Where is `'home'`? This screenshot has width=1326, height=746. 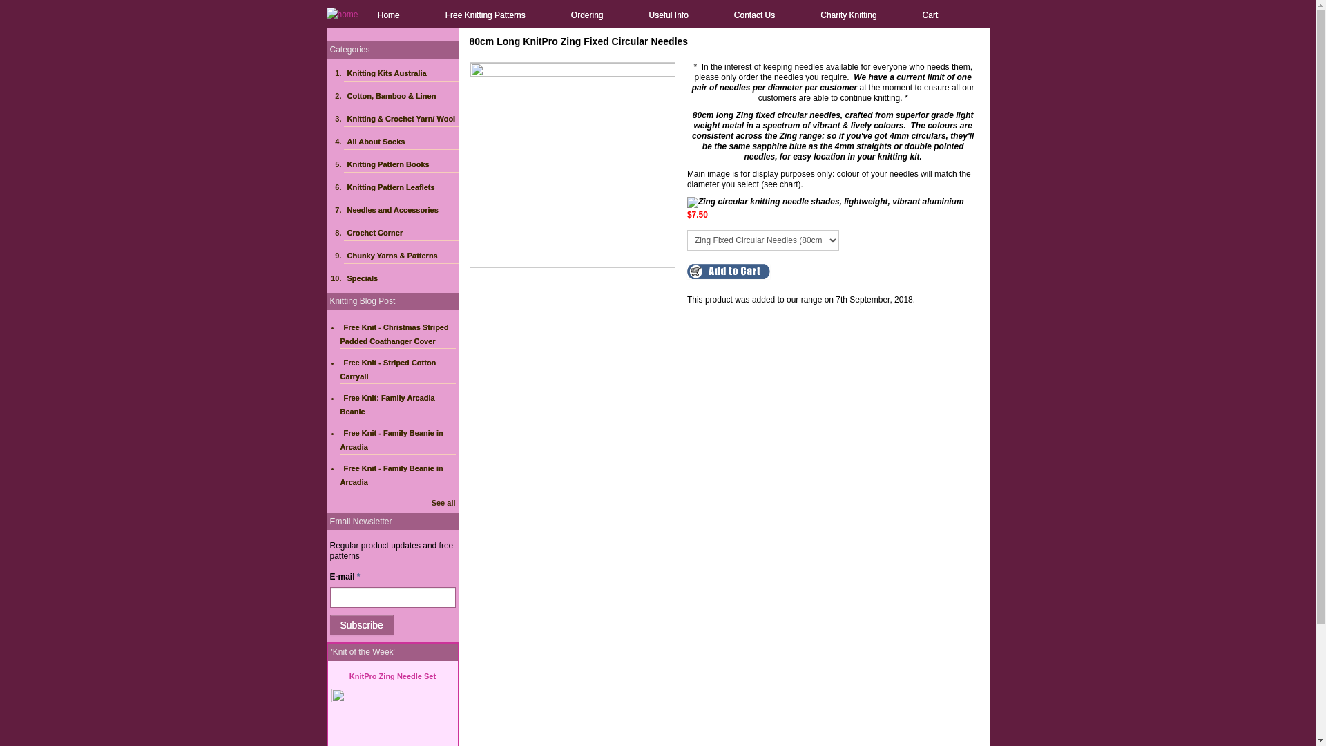
'home' is located at coordinates (341, 13).